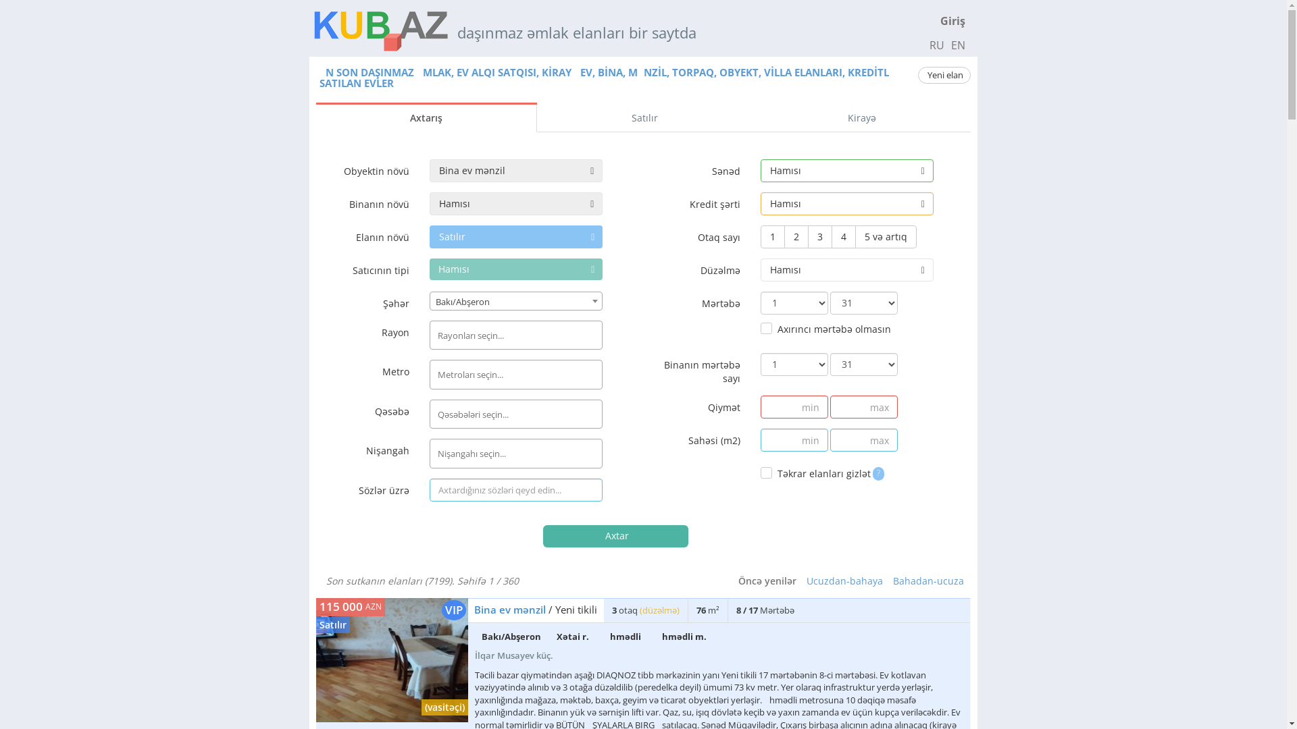  I want to click on 'Axtar', so click(543, 535).